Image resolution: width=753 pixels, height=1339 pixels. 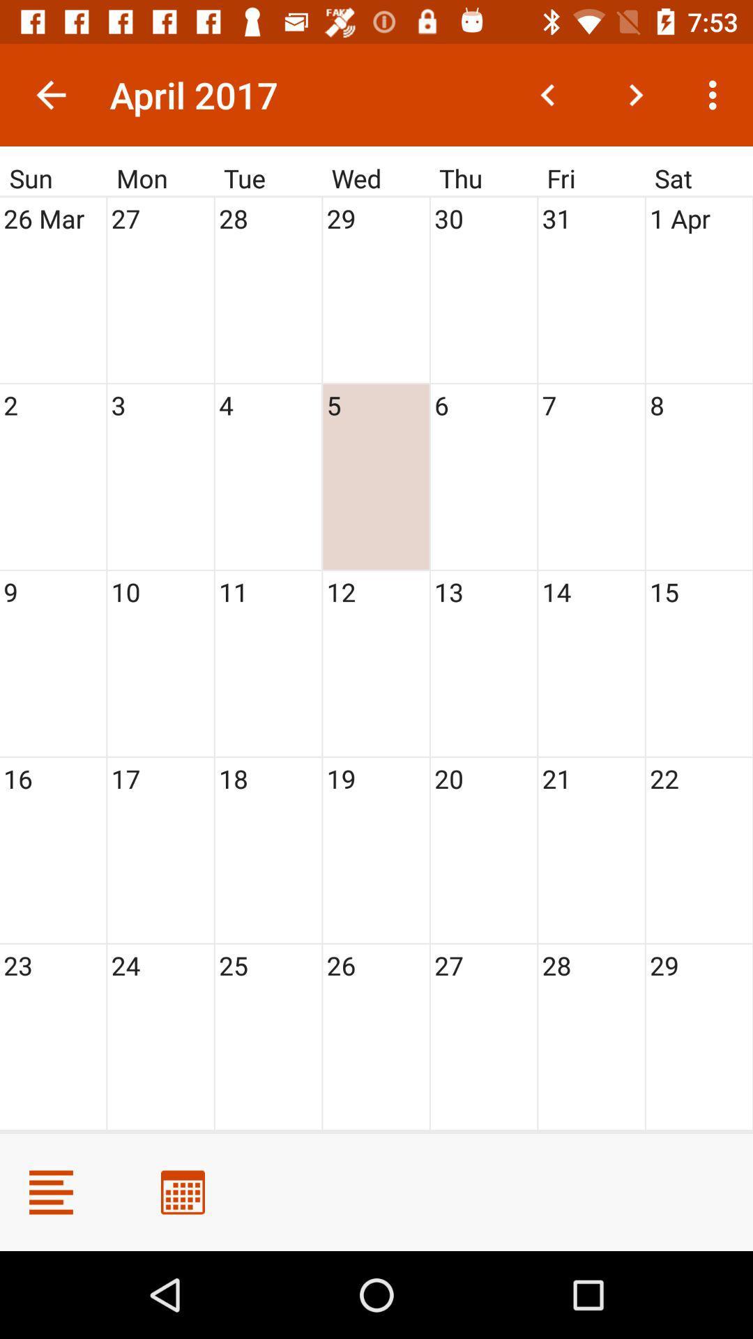 What do you see at coordinates (50, 94) in the screenshot?
I see `the item next to april 2017 icon` at bounding box center [50, 94].